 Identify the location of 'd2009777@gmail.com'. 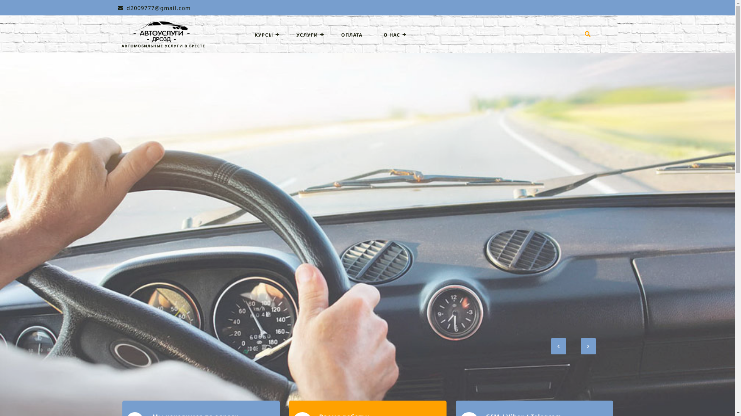
(154, 8).